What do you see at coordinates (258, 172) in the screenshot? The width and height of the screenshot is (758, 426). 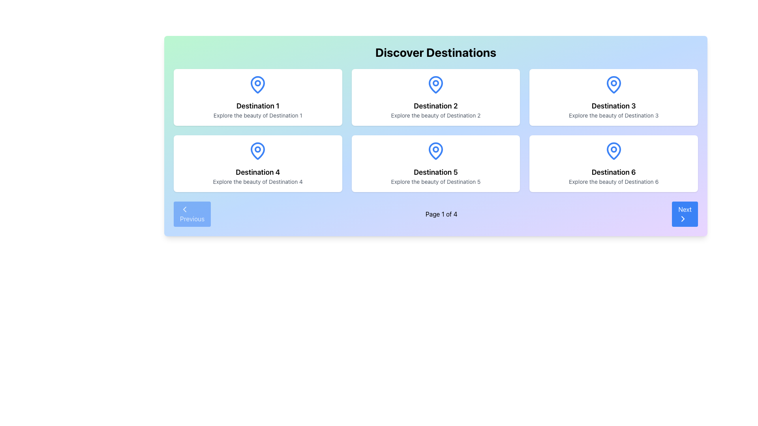 I see `text element displaying 'Destination 4', which is a bold, large-sized headline located in the second row, first column of the grid` at bounding box center [258, 172].